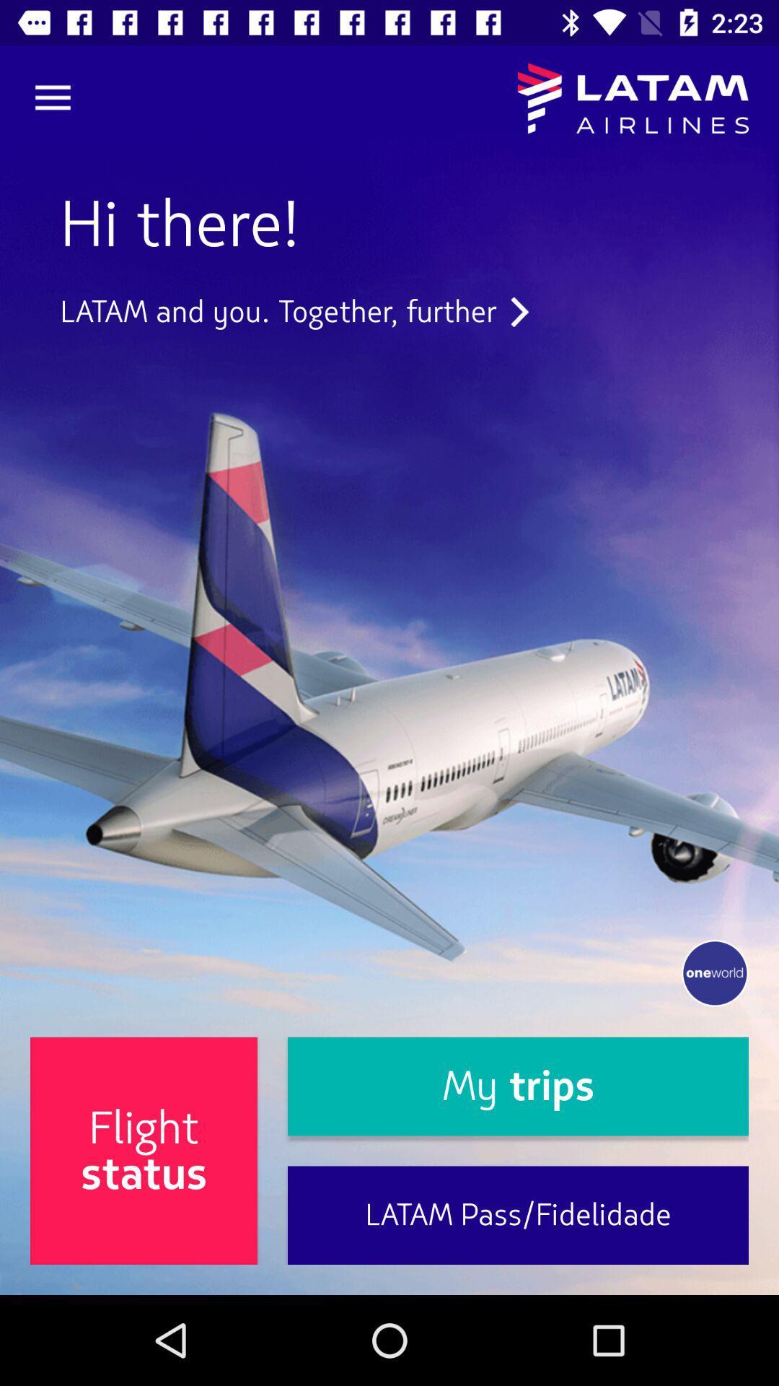 This screenshot has width=779, height=1386. I want to click on item to the left of my trips, so click(144, 1150).